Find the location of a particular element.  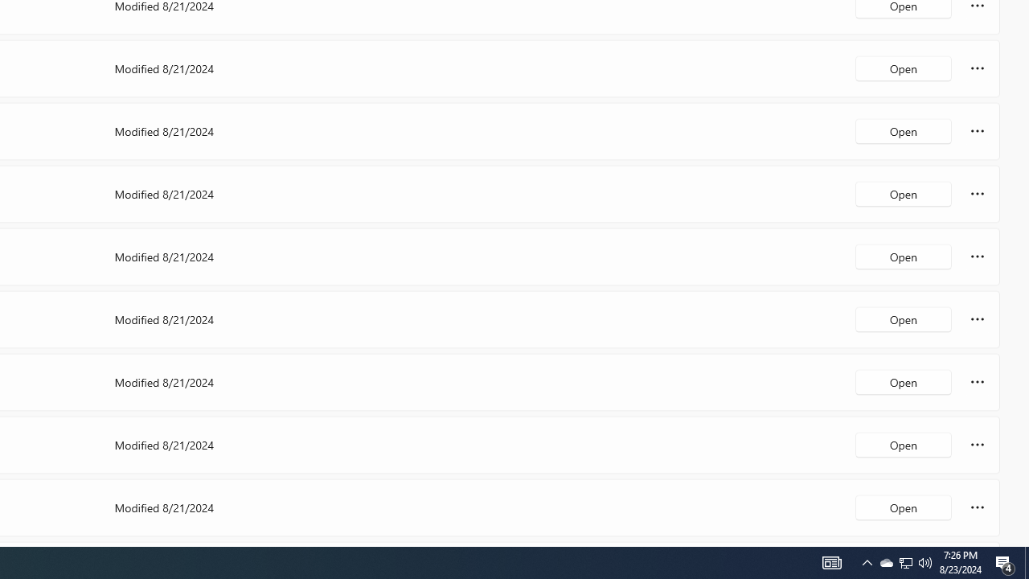

'Vertical Small Increase' is located at coordinates (1022, 540).